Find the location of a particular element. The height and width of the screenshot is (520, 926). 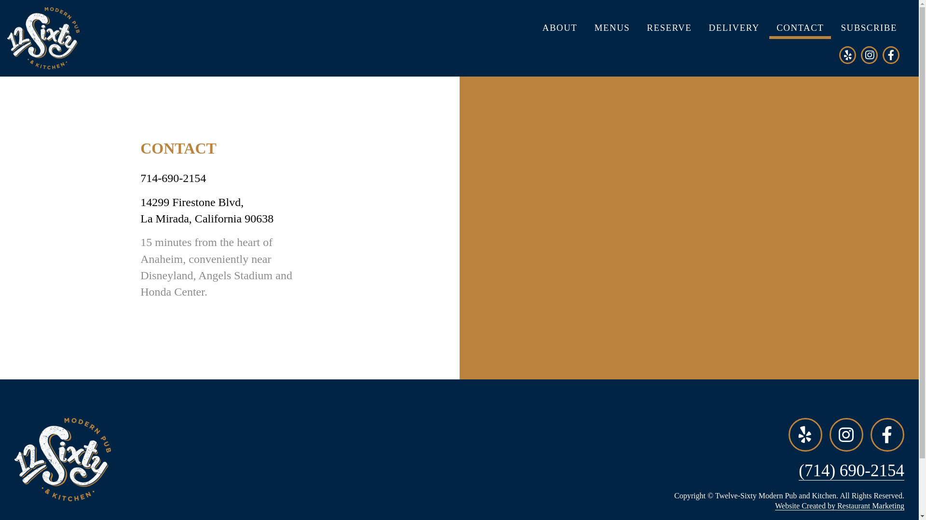

'Website Created by Restaurant Marketing' is located at coordinates (775, 505).